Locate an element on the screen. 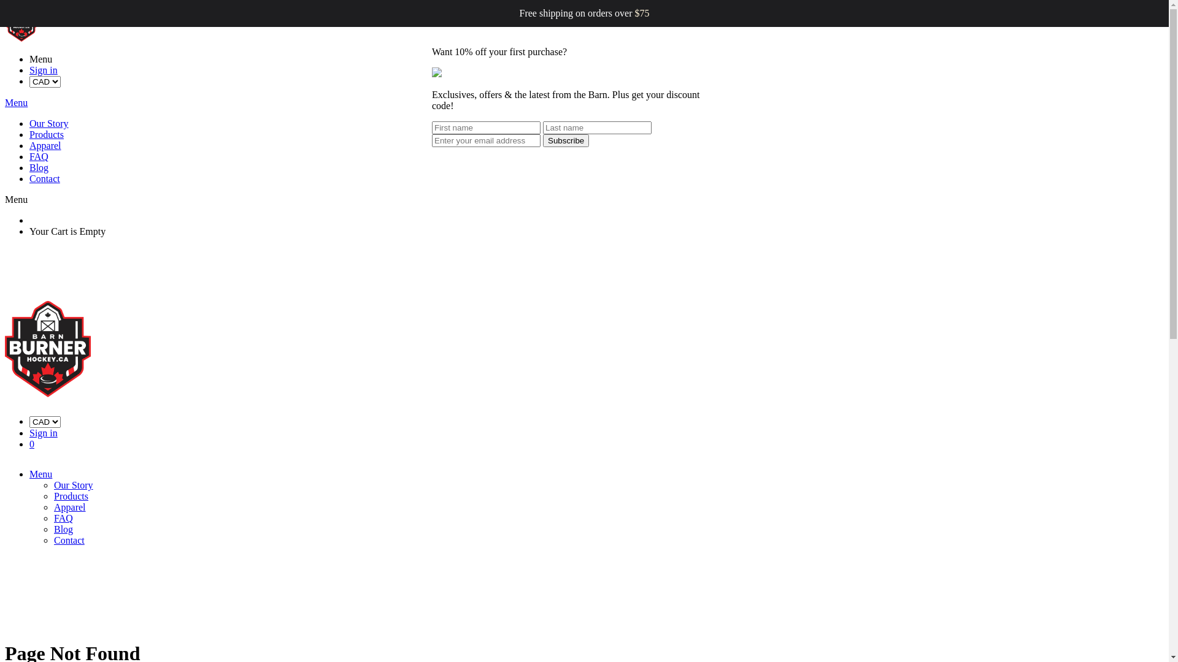 The width and height of the screenshot is (1178, 662). 'Apparel' is located at coordinates (45, 145).